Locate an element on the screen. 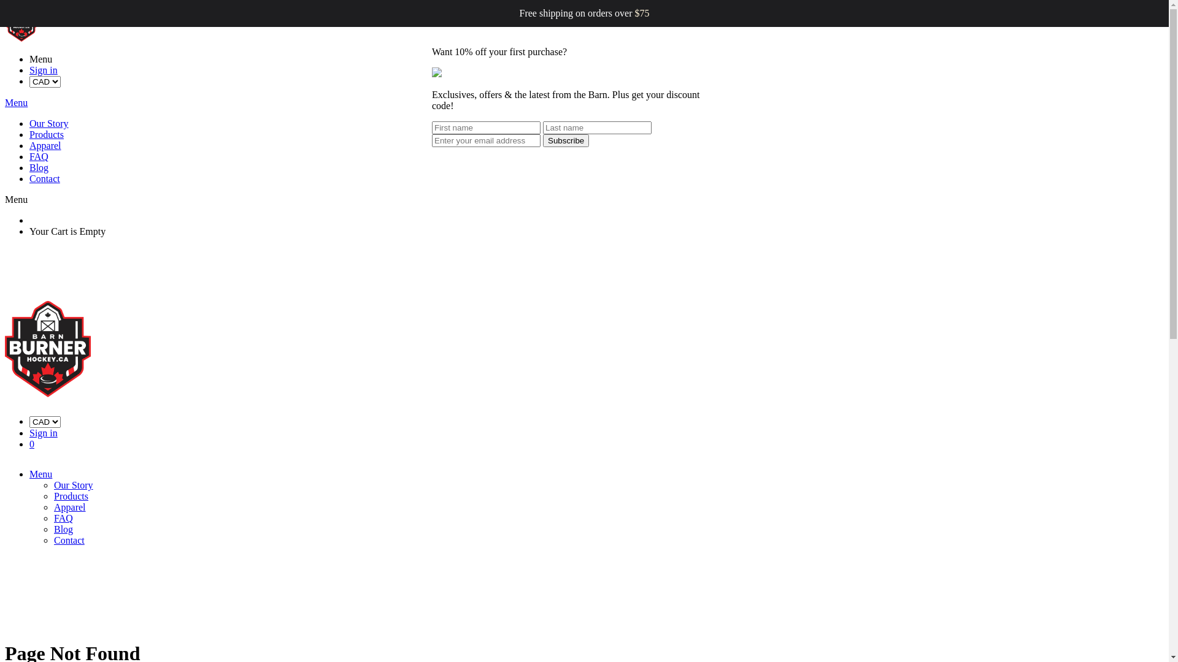 The width and height of the screenshot is (1178, 662). 'Apparel' is located at coordinates (45, 145).